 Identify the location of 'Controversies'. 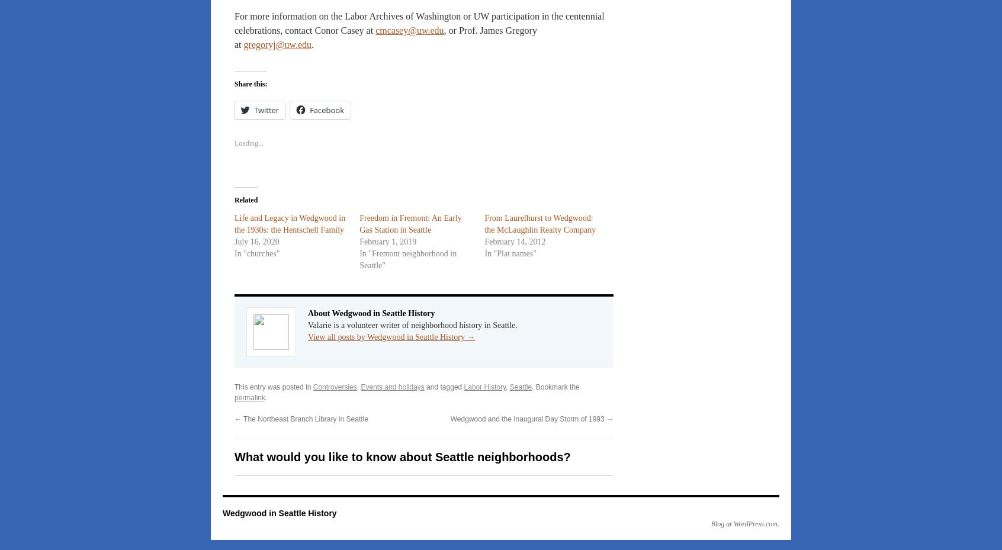
(334, 387).